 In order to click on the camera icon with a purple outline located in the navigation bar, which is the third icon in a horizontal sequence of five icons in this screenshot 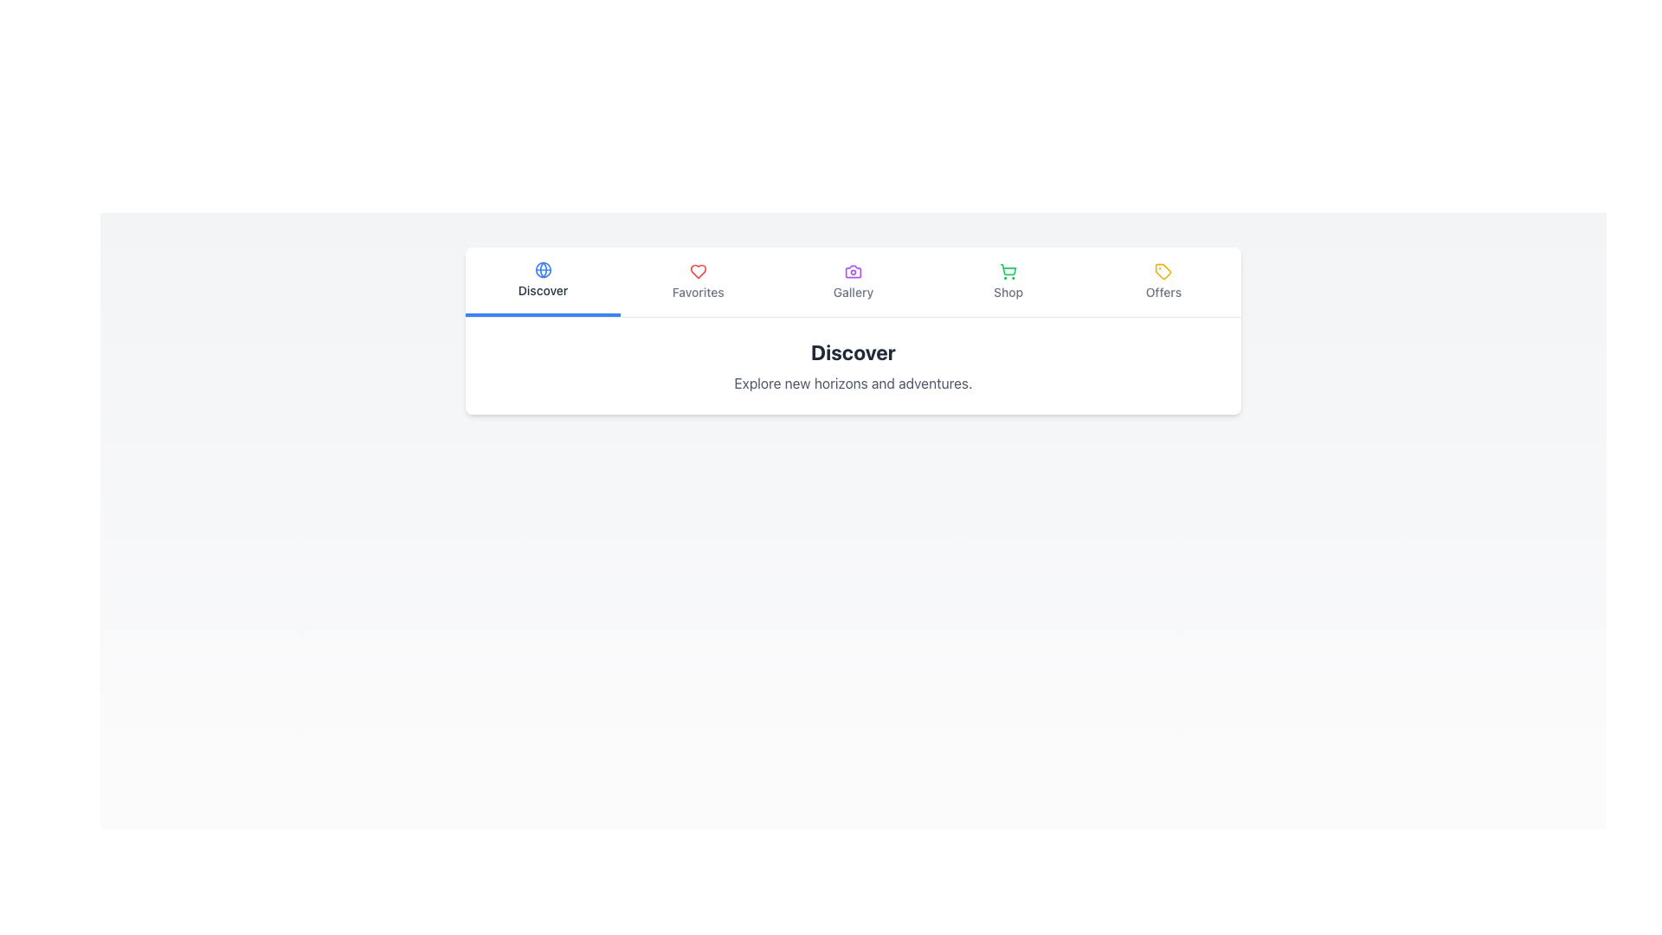, I will do `click(853, 271)`.